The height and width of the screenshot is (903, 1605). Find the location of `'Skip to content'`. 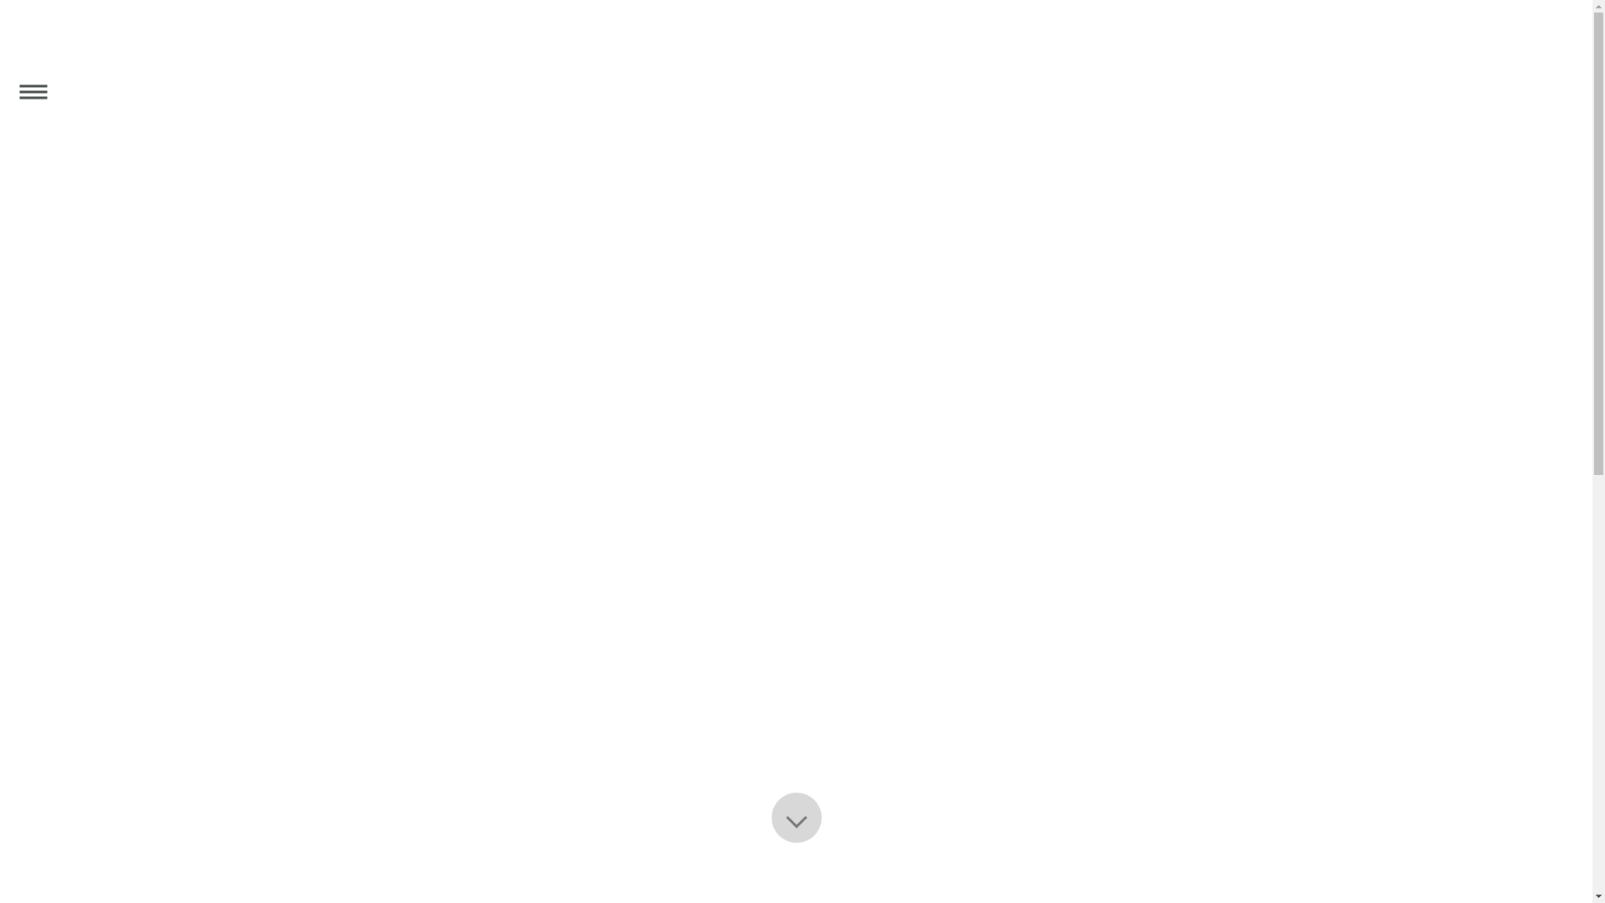

'Skip to content' is located at coordinates (0, 0).